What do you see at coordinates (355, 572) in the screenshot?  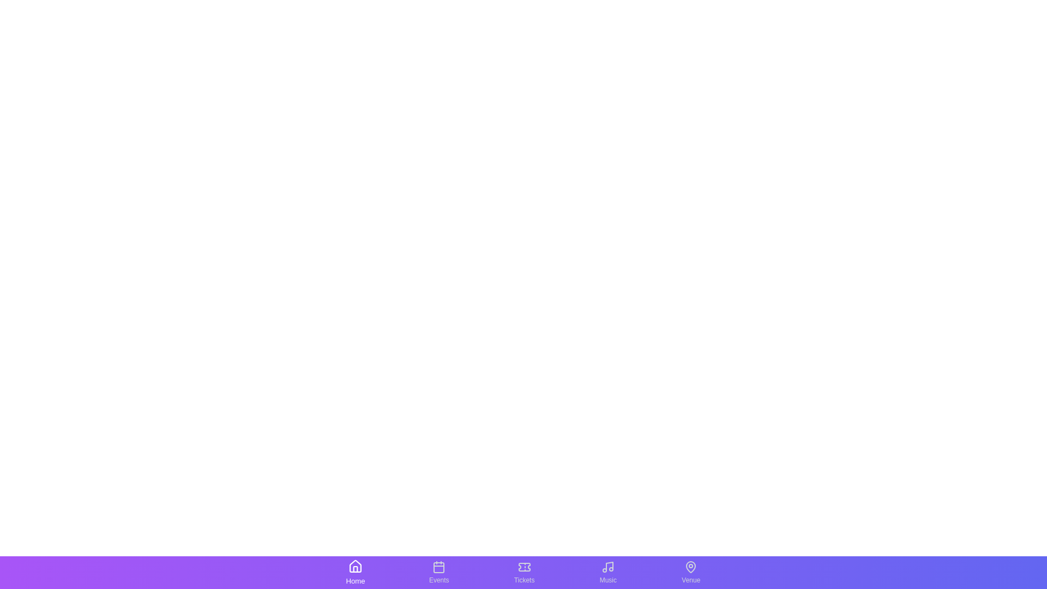 I see `the tab labeled Home to observe the visual changes` at bounding box center [355, 572].